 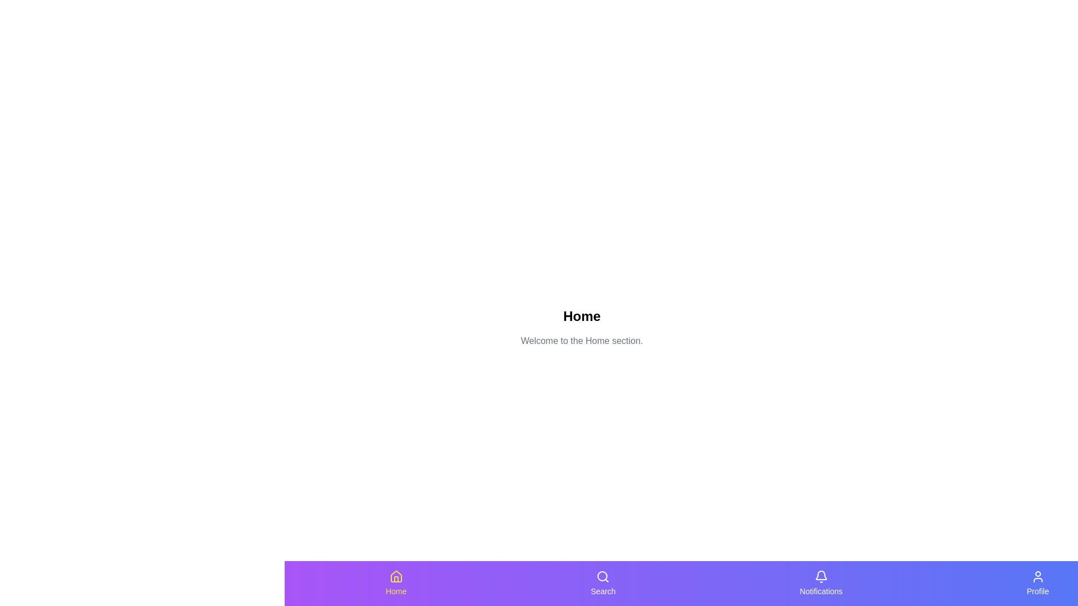 What do you see at coordinates (396, 576) in the screenshot?
I see `the 'Home' icon located in the bottom navigation bar` at bounding box center [396, 576].